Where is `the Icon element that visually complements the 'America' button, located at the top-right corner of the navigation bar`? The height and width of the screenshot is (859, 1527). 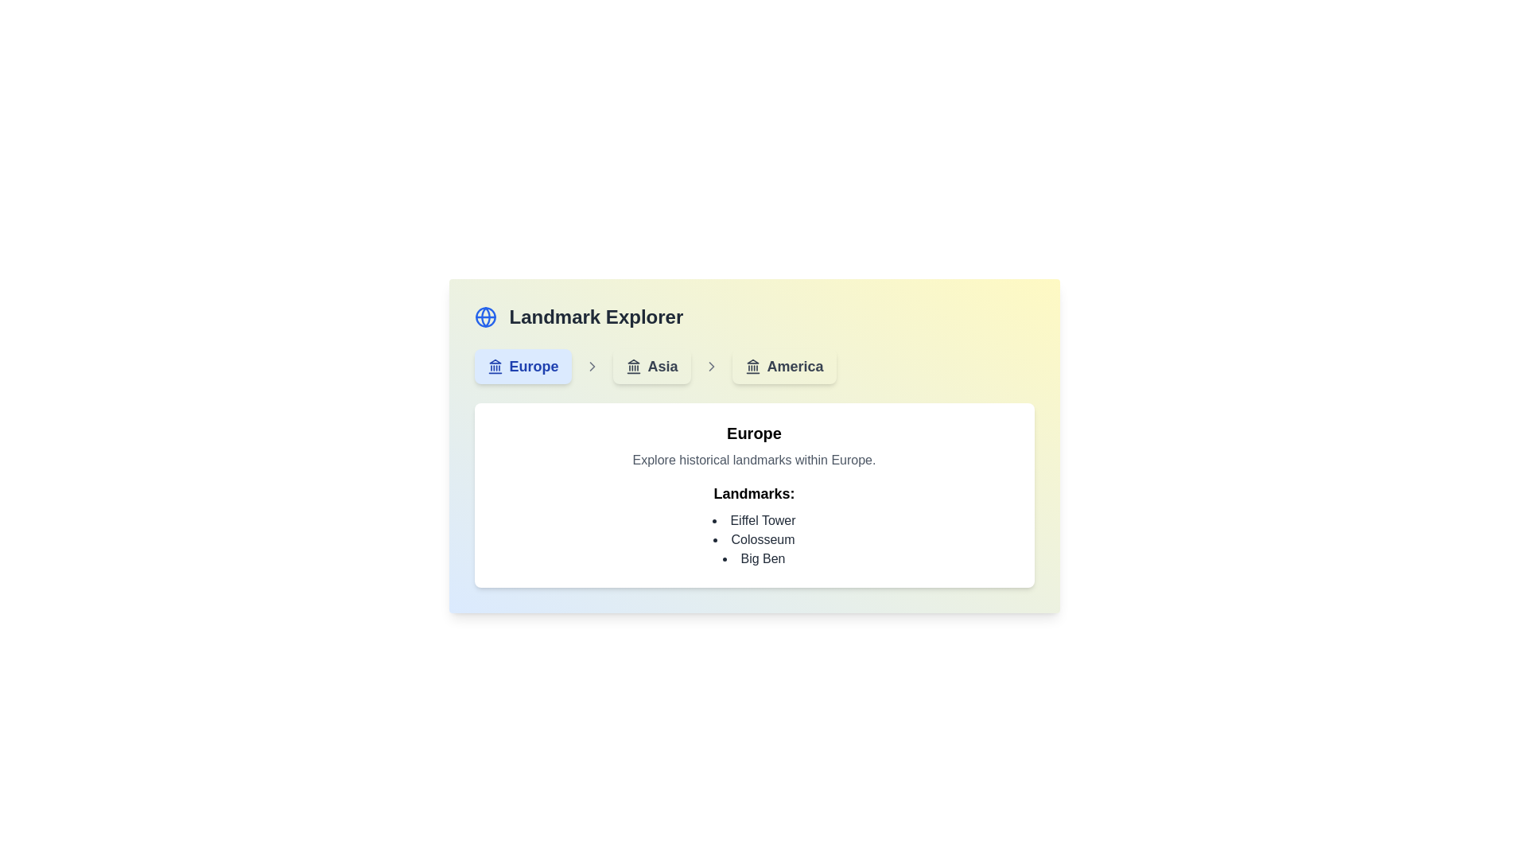 the Icon element that visually complements the 'America' button, located at the top-right corner of the navigation bar is located at coordinates (752, 367).